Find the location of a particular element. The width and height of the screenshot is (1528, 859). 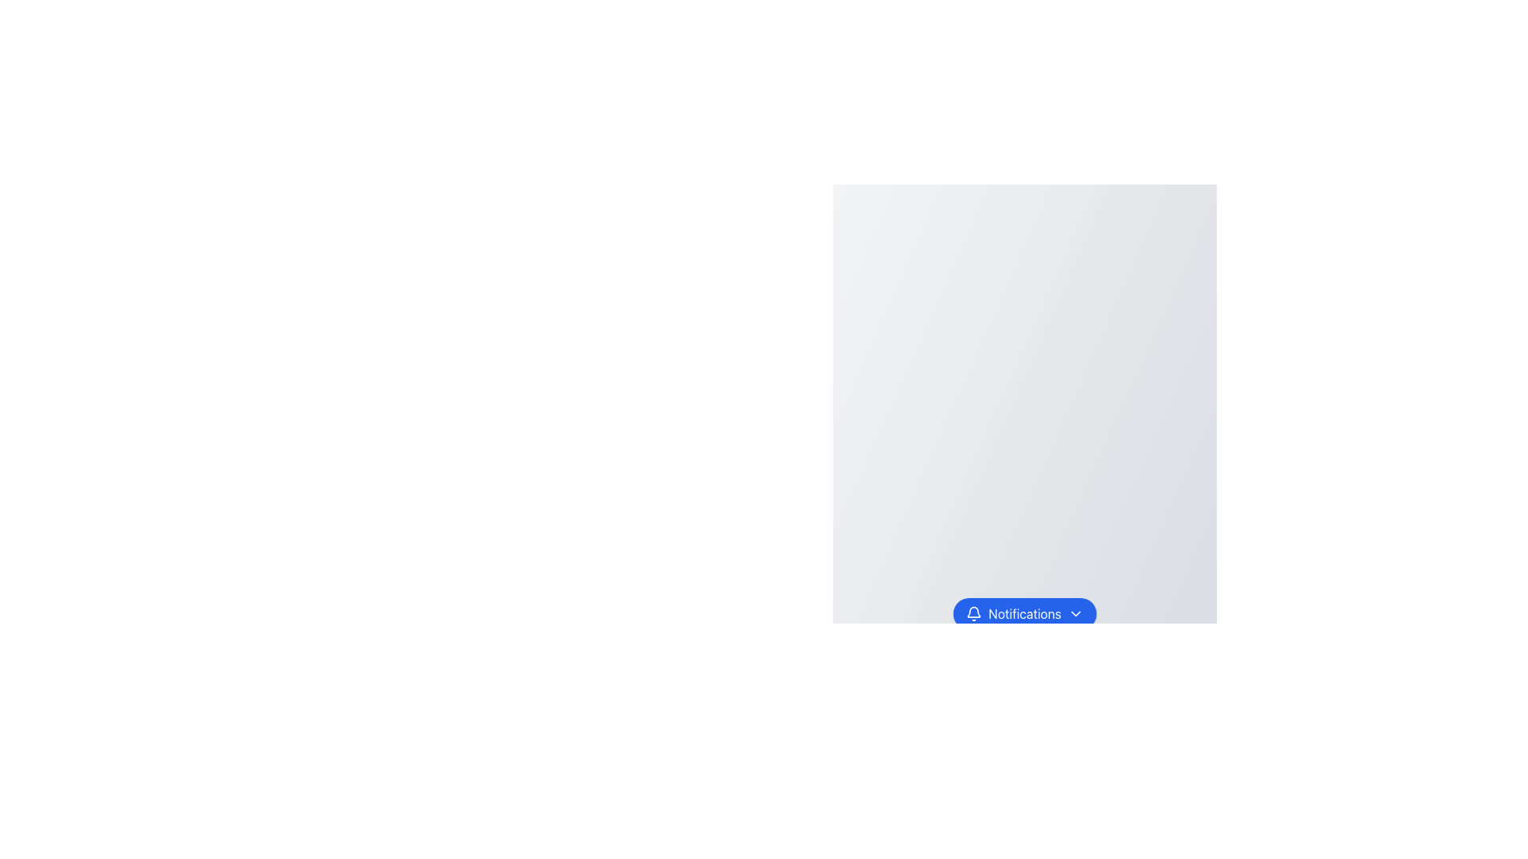

the button located at the bottom center of the interface is located at coordinates (1023, 612).